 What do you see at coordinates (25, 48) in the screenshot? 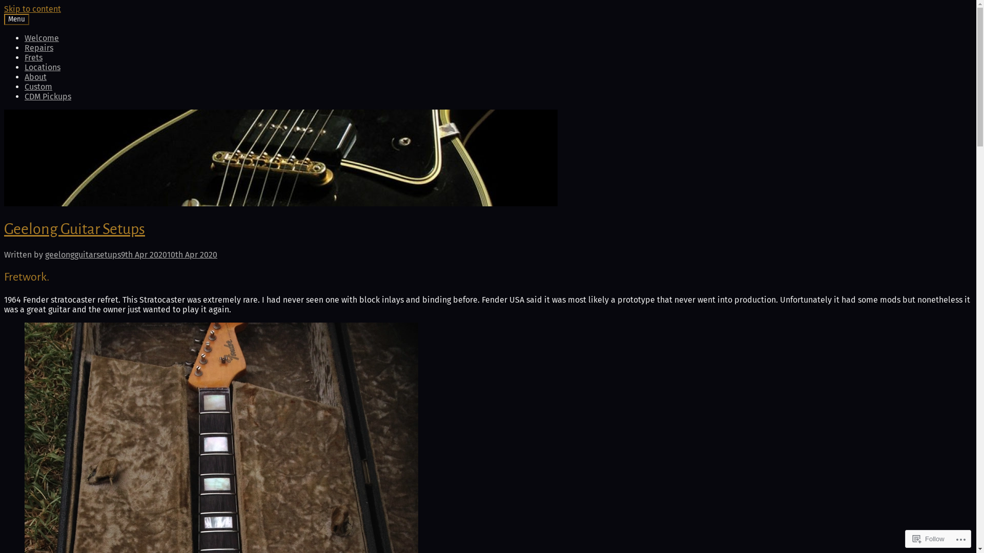
I see `'Repairs'` at bounding box center [25, 48].